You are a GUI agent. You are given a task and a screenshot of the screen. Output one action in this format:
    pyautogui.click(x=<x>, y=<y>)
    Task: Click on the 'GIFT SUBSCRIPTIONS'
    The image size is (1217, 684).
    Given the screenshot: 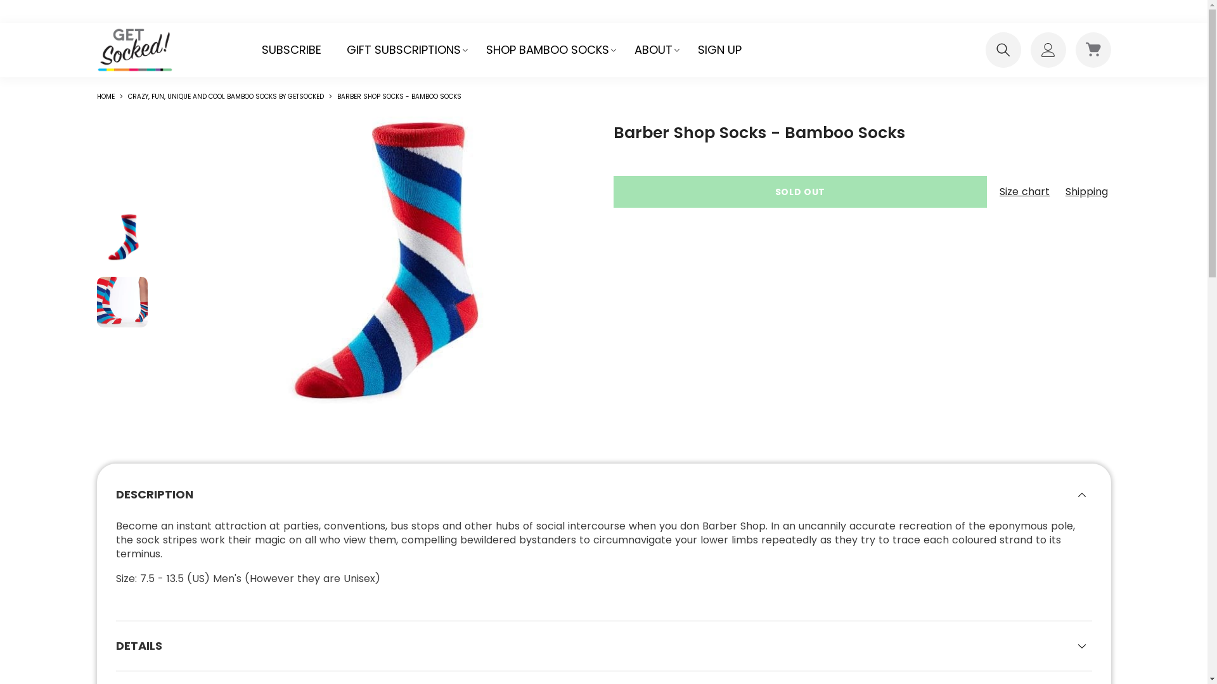 What is the action you would take?
    pyautogui.click(x=402, y=49)
    